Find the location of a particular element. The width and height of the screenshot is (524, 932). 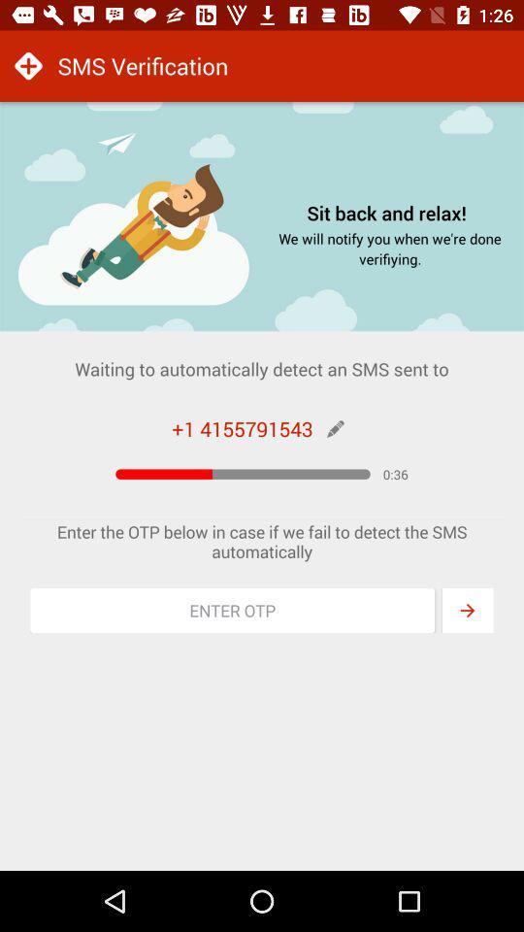

enter is located at coordinates (467, 610).